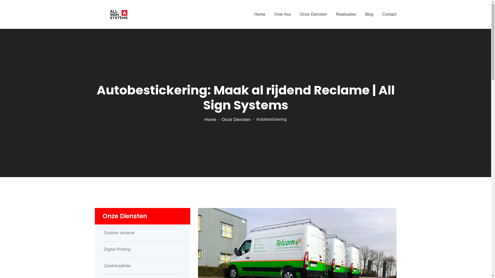  Describe the element at coordinates (142, 266) in the screenshot. I see `'Zandstraalfolie'` at that location.